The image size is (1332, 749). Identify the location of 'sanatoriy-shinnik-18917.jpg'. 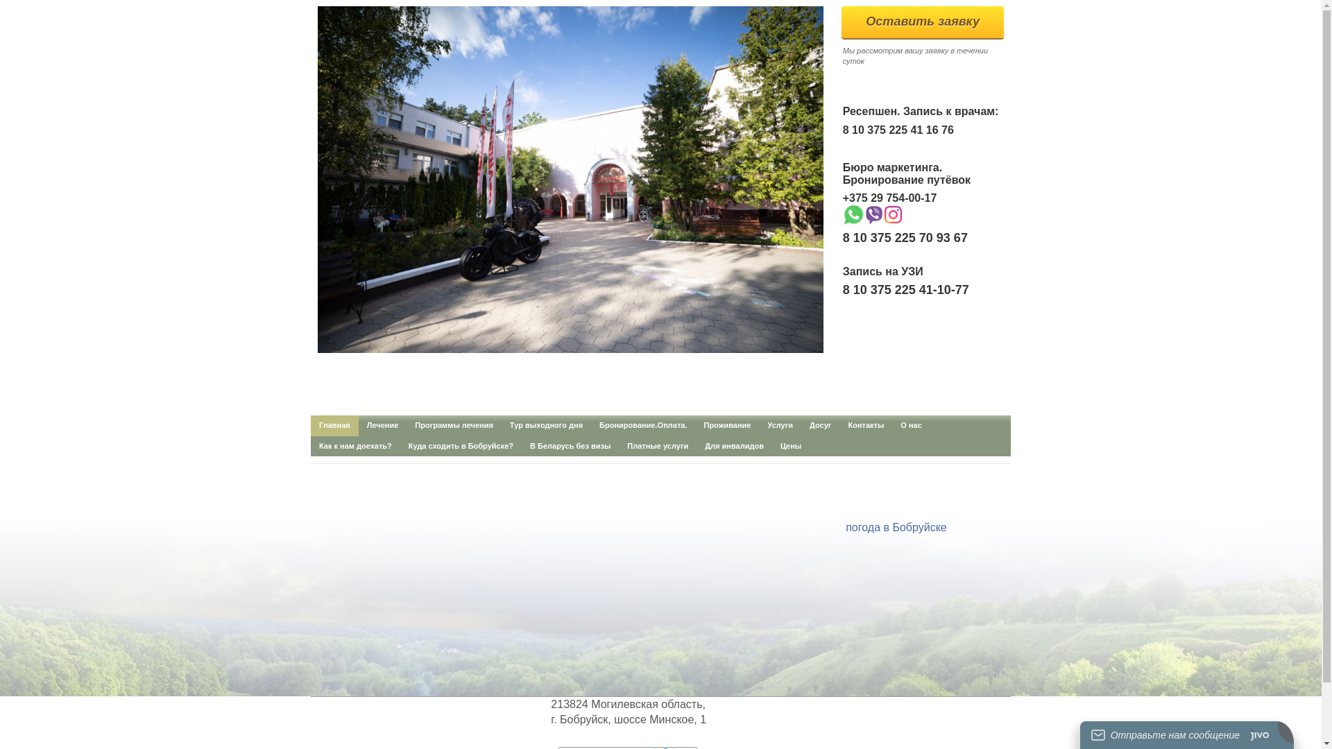
(316, 178).